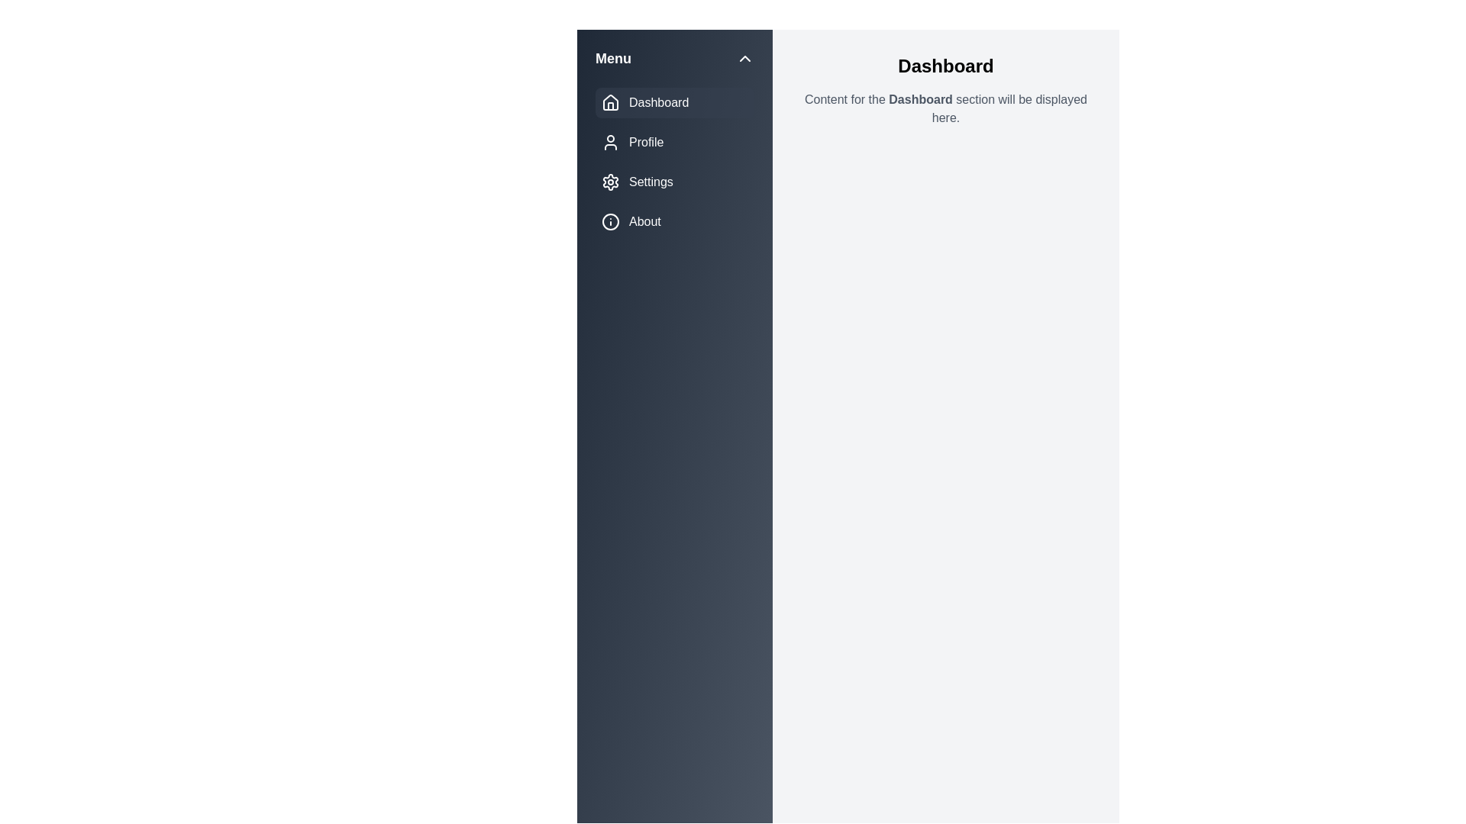 The width and height of the screenshot is (1466, 824). What do you see at coordinates (673, 103) in the screenshot?
I see `the first menu item in the vertical navigation bar` at bounding box center [673, 103].